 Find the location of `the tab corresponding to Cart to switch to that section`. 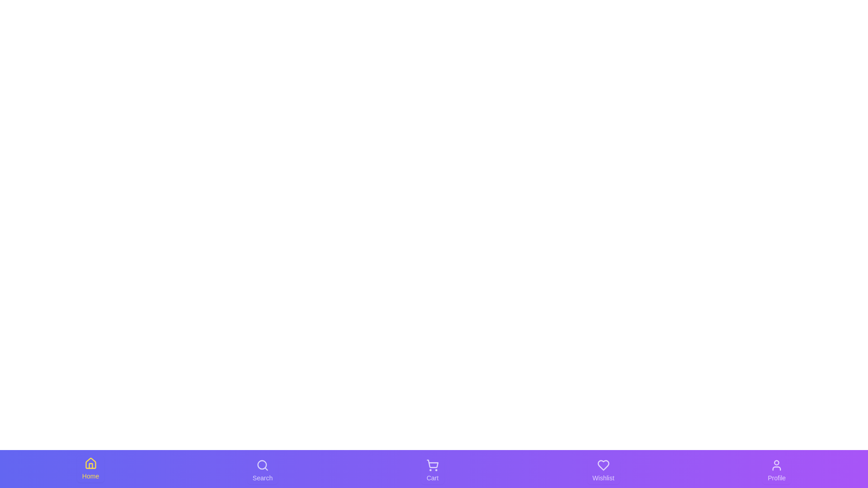

the tab corresponding to Cart to switch to that section is located at coordinates (432, 470).